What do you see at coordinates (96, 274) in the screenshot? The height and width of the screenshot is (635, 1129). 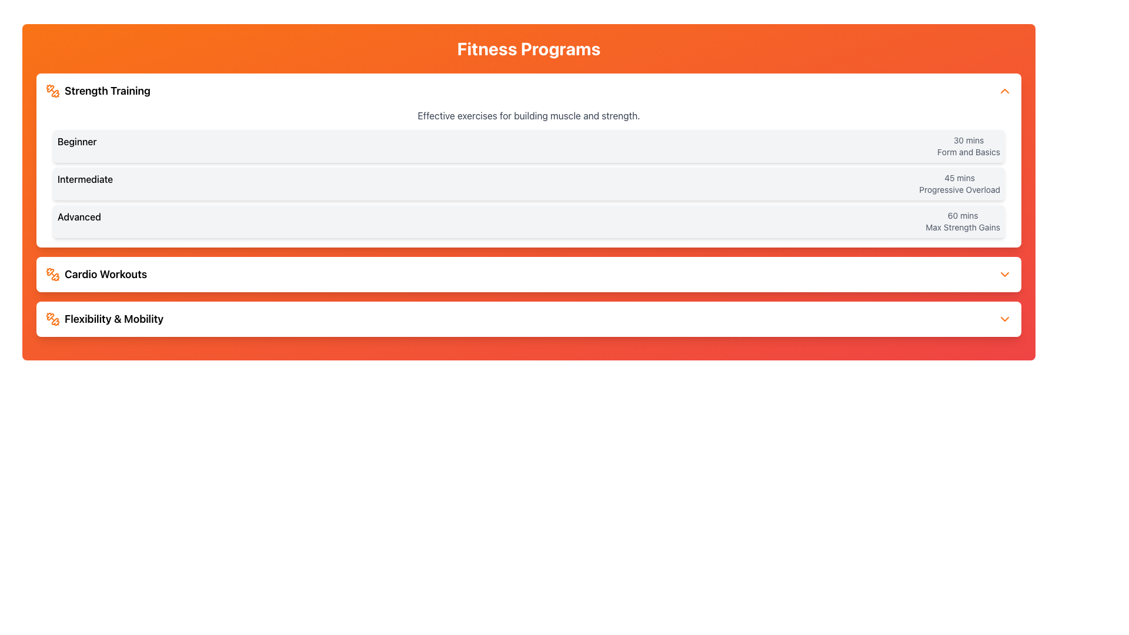 I see `the 'Cardio Workouts' text label with an associated icon` at bounding box center [96, 274].